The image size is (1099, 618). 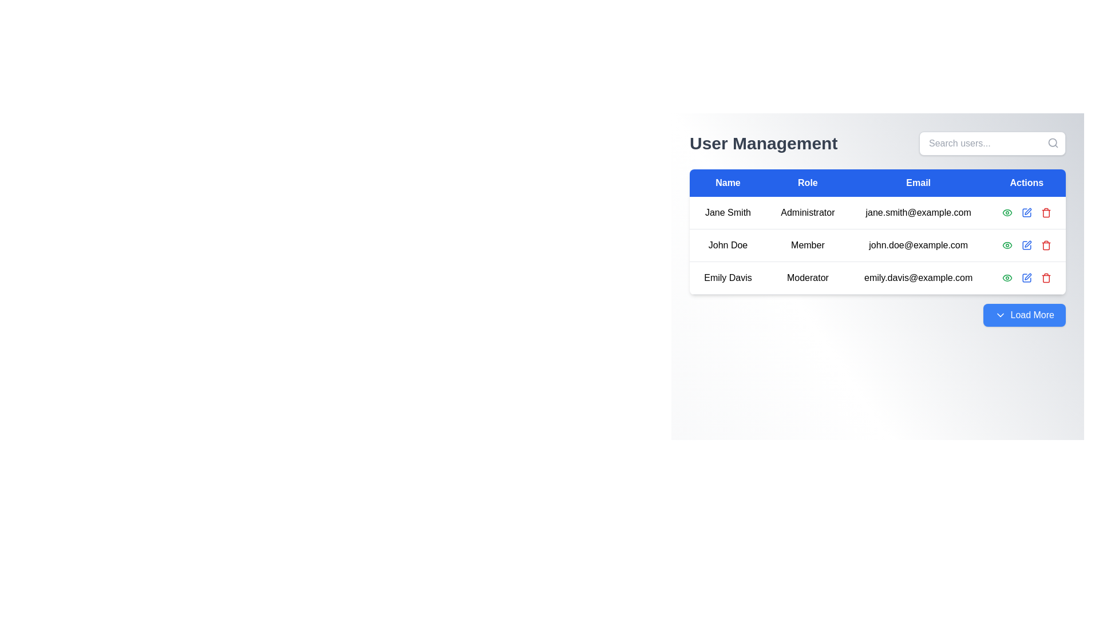 I want to click on email address displayed in the Text Display element located in the third column of the second row for 'John Doe', which shows 'john.doe@example.com', so click(x=918, y=244).